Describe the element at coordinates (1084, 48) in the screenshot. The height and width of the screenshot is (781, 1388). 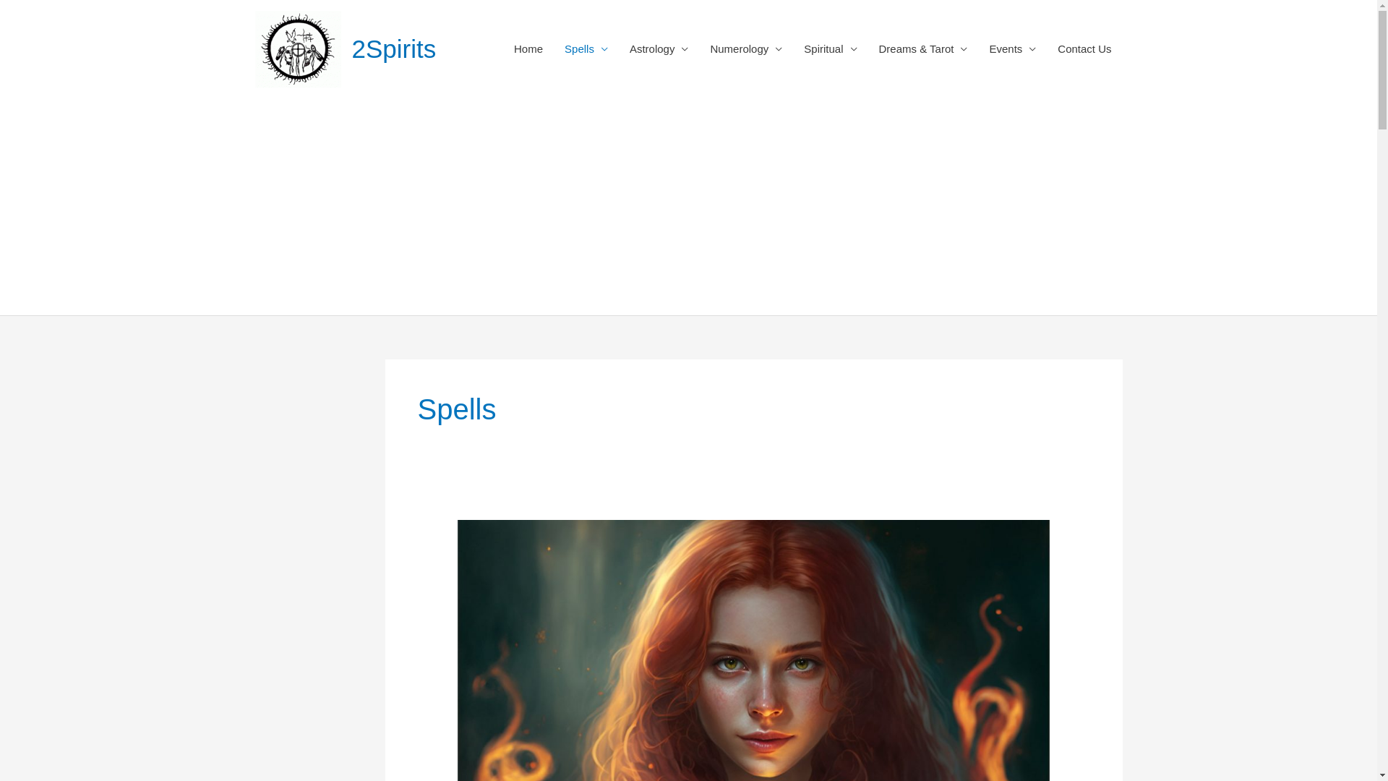
I see `'Contact Us'` at that location.